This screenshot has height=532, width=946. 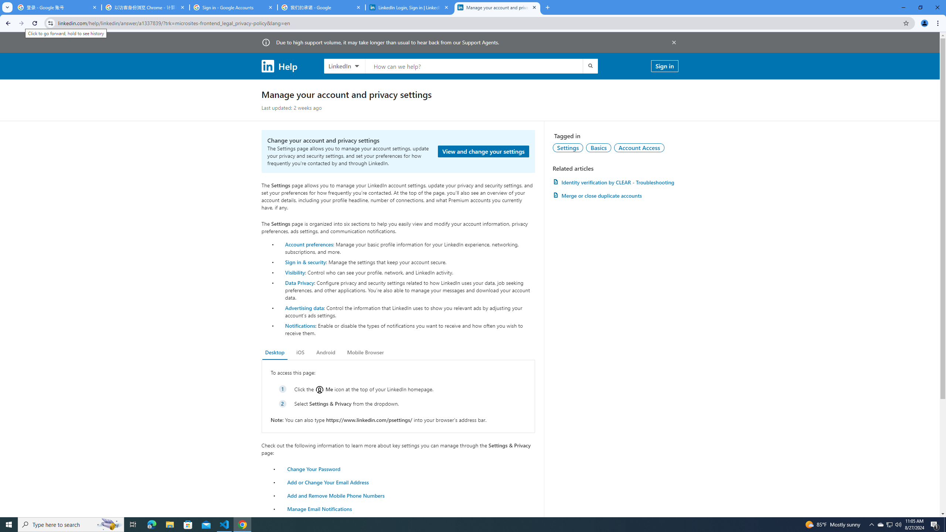 I want to click on 'iOS', so click(x=300, y=352).